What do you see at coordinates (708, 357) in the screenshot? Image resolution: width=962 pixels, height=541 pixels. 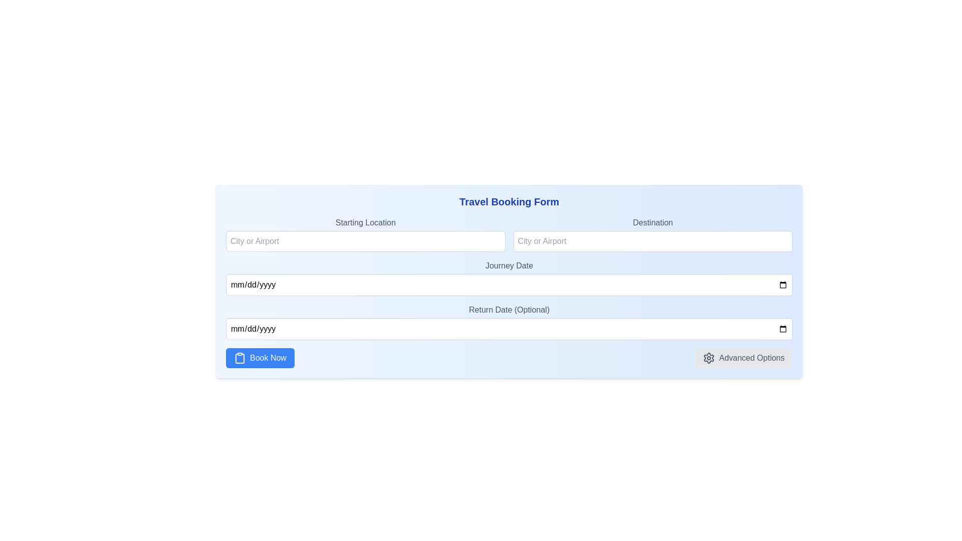 I see `the gear icon, which is part of the SVG graphic located within the 'Advanced Options' button on the bottom-right corner of the 'Travel Booking Form' interface` at bounding box center [708, 357].